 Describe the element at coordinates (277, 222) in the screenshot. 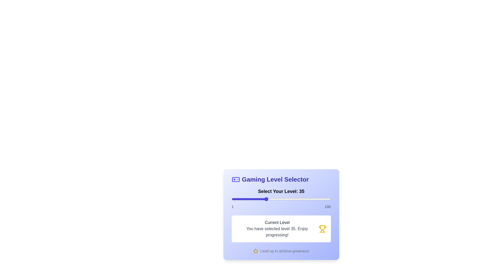

I see `the static text label indicating 'Current Level' which serves as a header for the user's current level information` at that location.